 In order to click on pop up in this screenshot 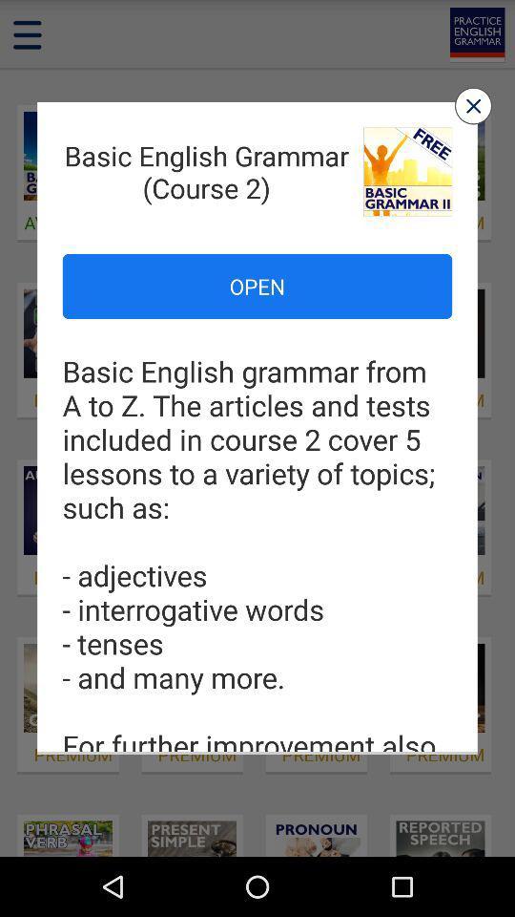, I will do `click(472, 106)`.